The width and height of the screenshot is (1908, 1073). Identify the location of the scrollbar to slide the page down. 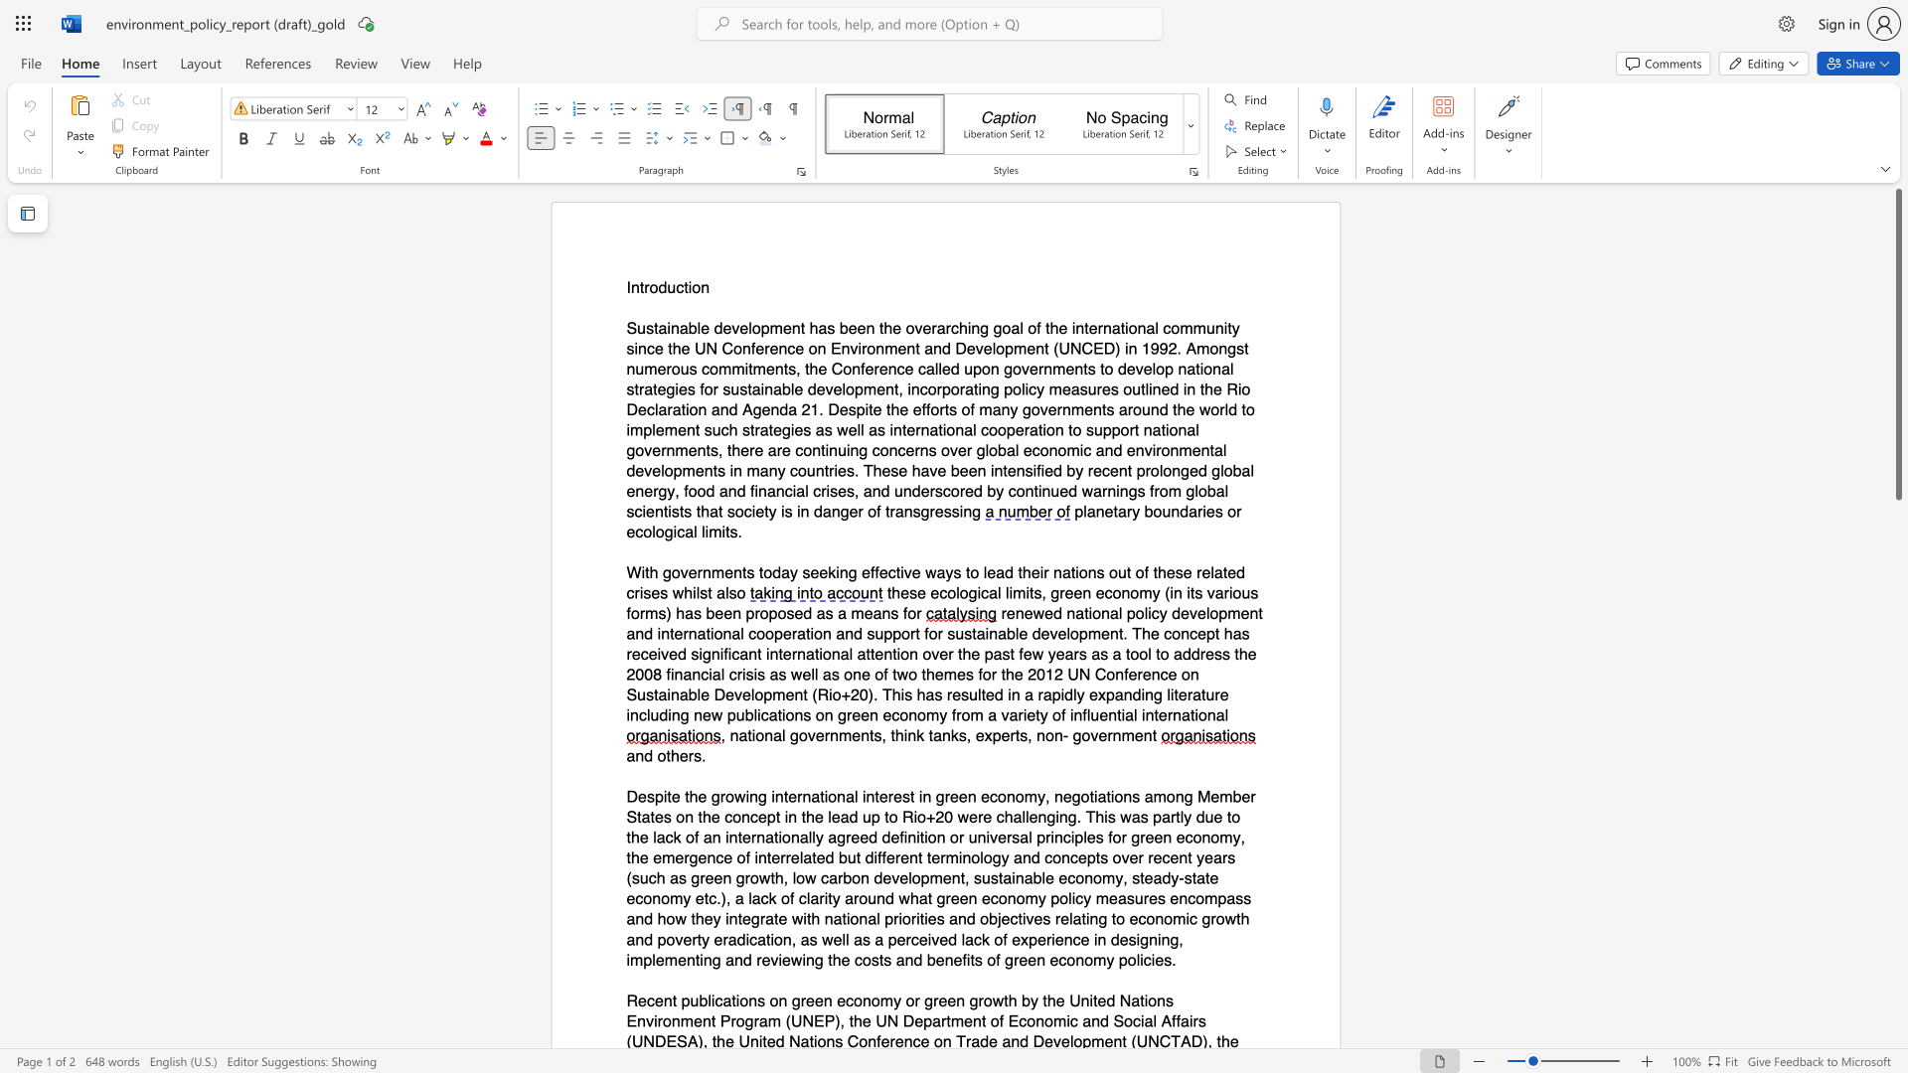
(1897, 693).